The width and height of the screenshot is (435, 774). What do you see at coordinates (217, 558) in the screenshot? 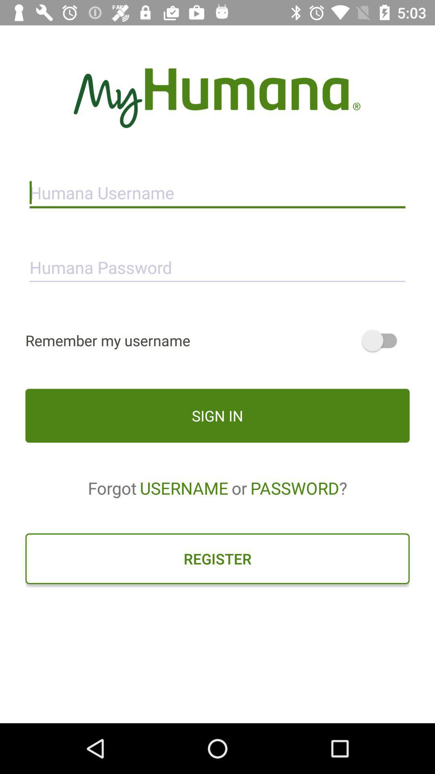
I see `icon below the forgot` at bounding box center [217, 558].